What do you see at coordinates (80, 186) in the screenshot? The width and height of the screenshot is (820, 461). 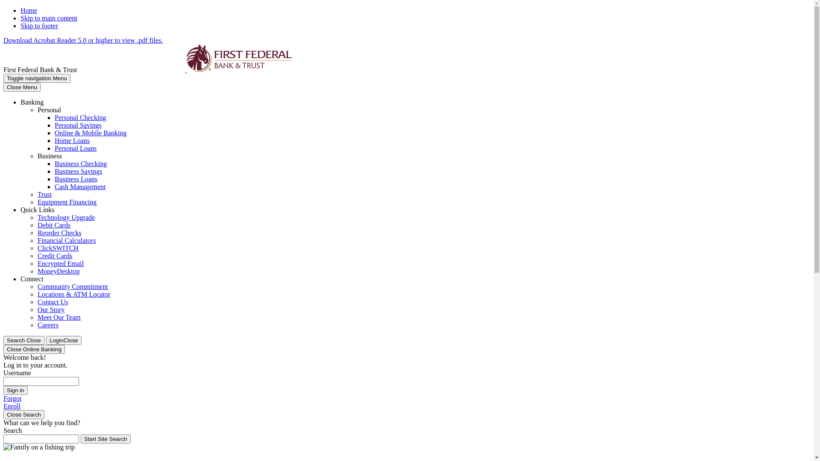 I see `'Cash Management'` at bounding box center [80, 186].